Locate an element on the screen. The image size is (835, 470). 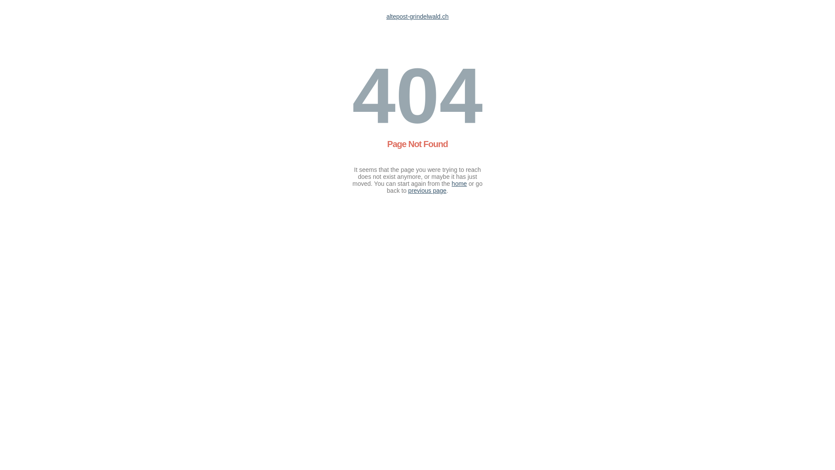
'altepost-grindelwald.ch' is located at coordinates (417, 17).